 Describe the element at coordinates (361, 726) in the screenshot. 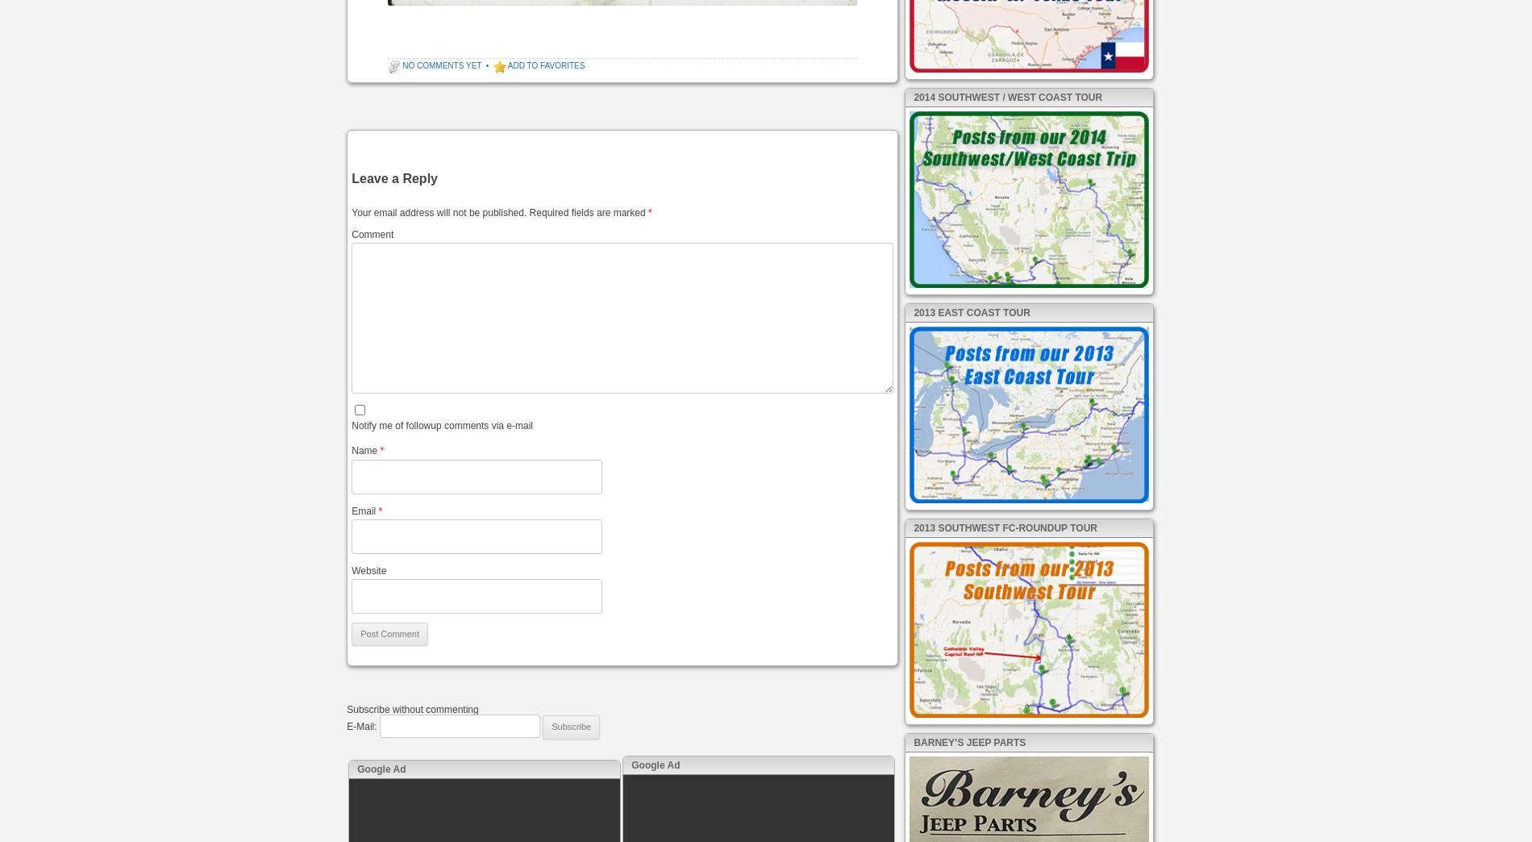

I see `'E-Mail:'` at that location.